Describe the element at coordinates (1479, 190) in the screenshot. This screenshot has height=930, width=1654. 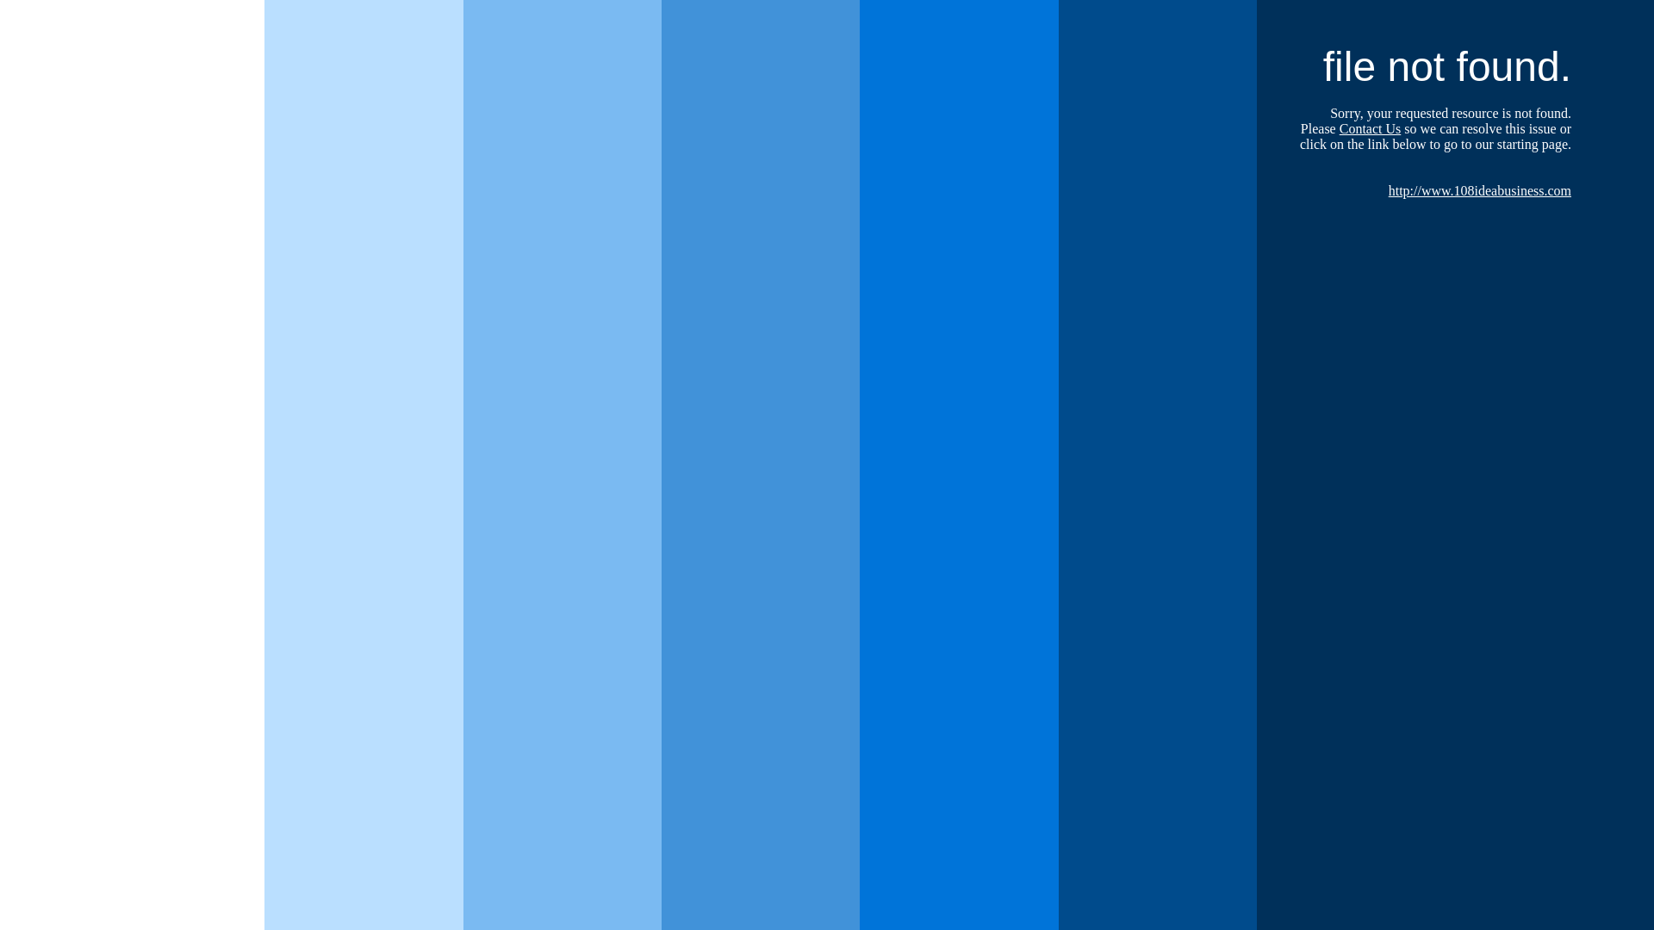
I see `'http://www.108ideabusiness.com'` at that location.